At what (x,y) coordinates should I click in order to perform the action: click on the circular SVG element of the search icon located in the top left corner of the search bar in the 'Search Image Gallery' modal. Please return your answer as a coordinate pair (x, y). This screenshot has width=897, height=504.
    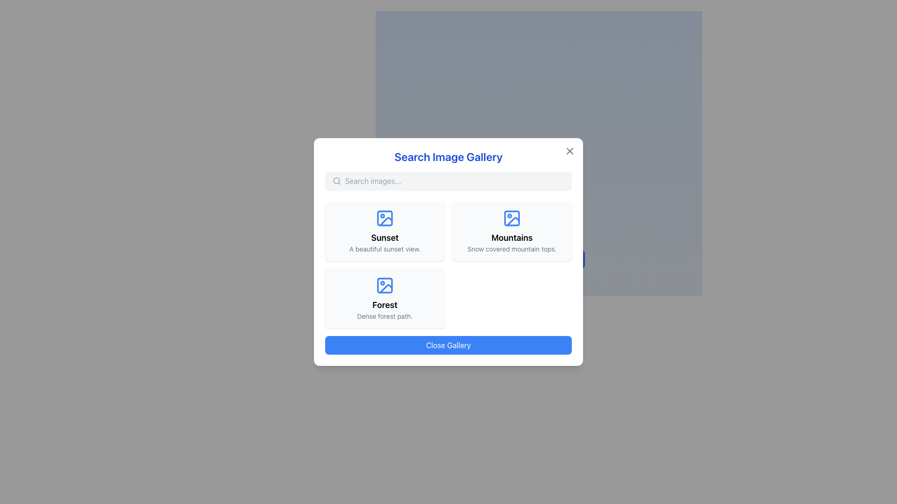
    Looking at the image, I should click on (336, 181).